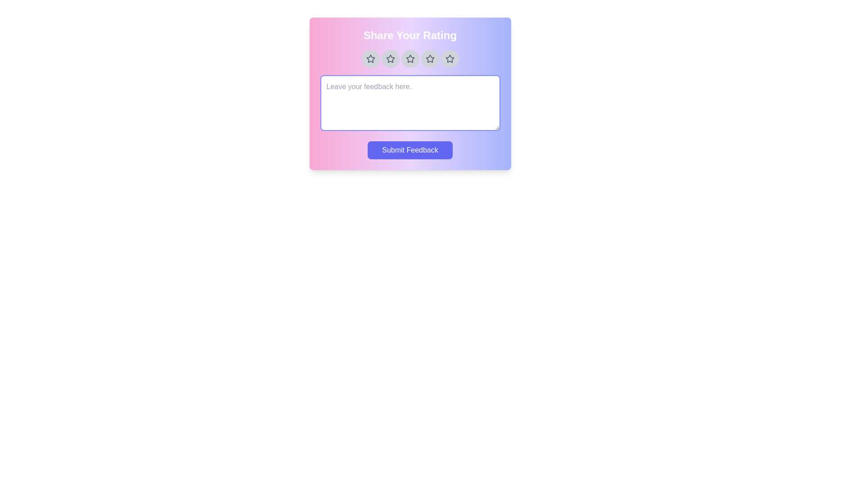 This screenshot has width=864, height=486. Describe the element at coordinates (429, 59) in the screenshot. I see `the star corresponding to the desired rating 4` at that location.